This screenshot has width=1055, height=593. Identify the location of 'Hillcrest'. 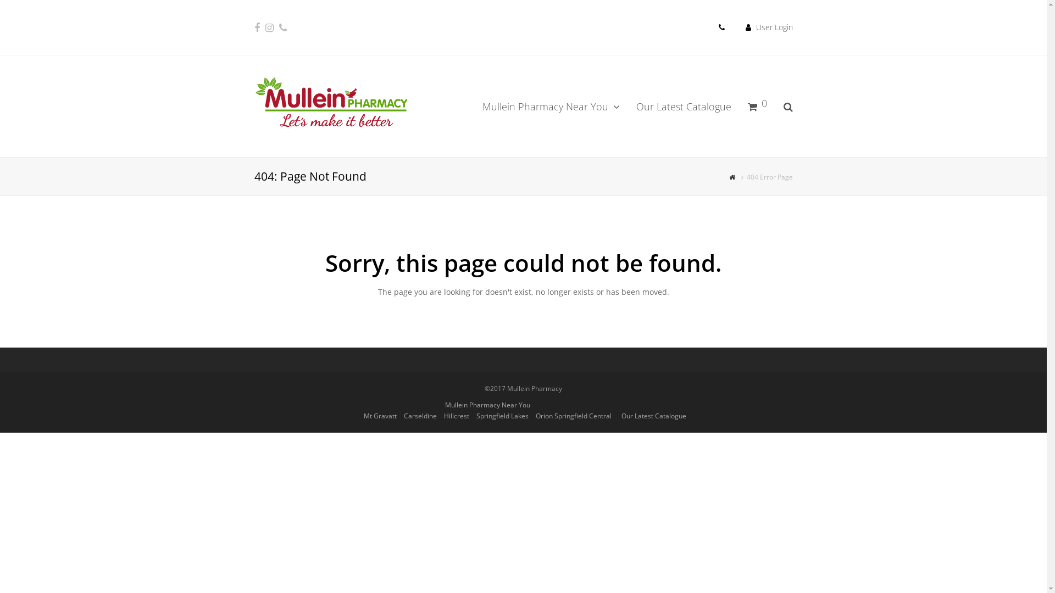
(443, 416).